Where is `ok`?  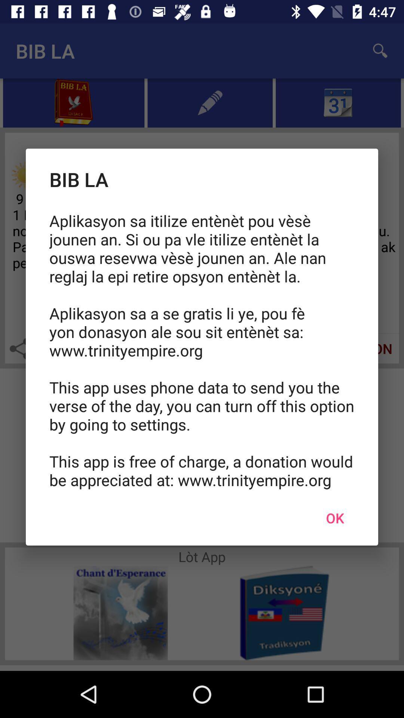 ok is located at coordinates (334, 518).